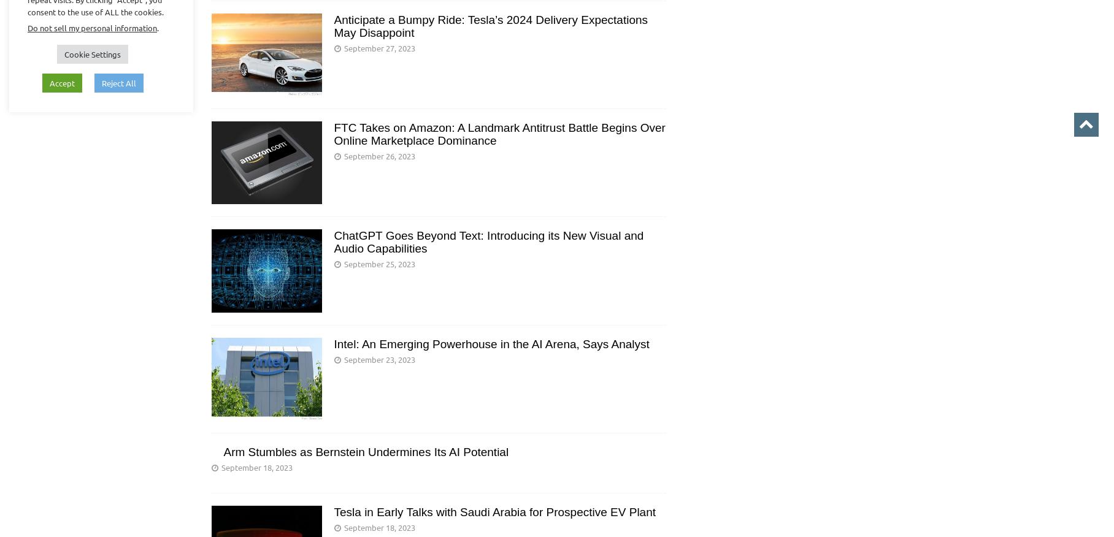 Image resolution: width=1114 pixels, height=537 pixels. Describe the element at coordinates (494, 511) in the screenshot. I see `'Tesla in Early Talks with Saudi Arabia for Prospective EV Plant'` at that location.